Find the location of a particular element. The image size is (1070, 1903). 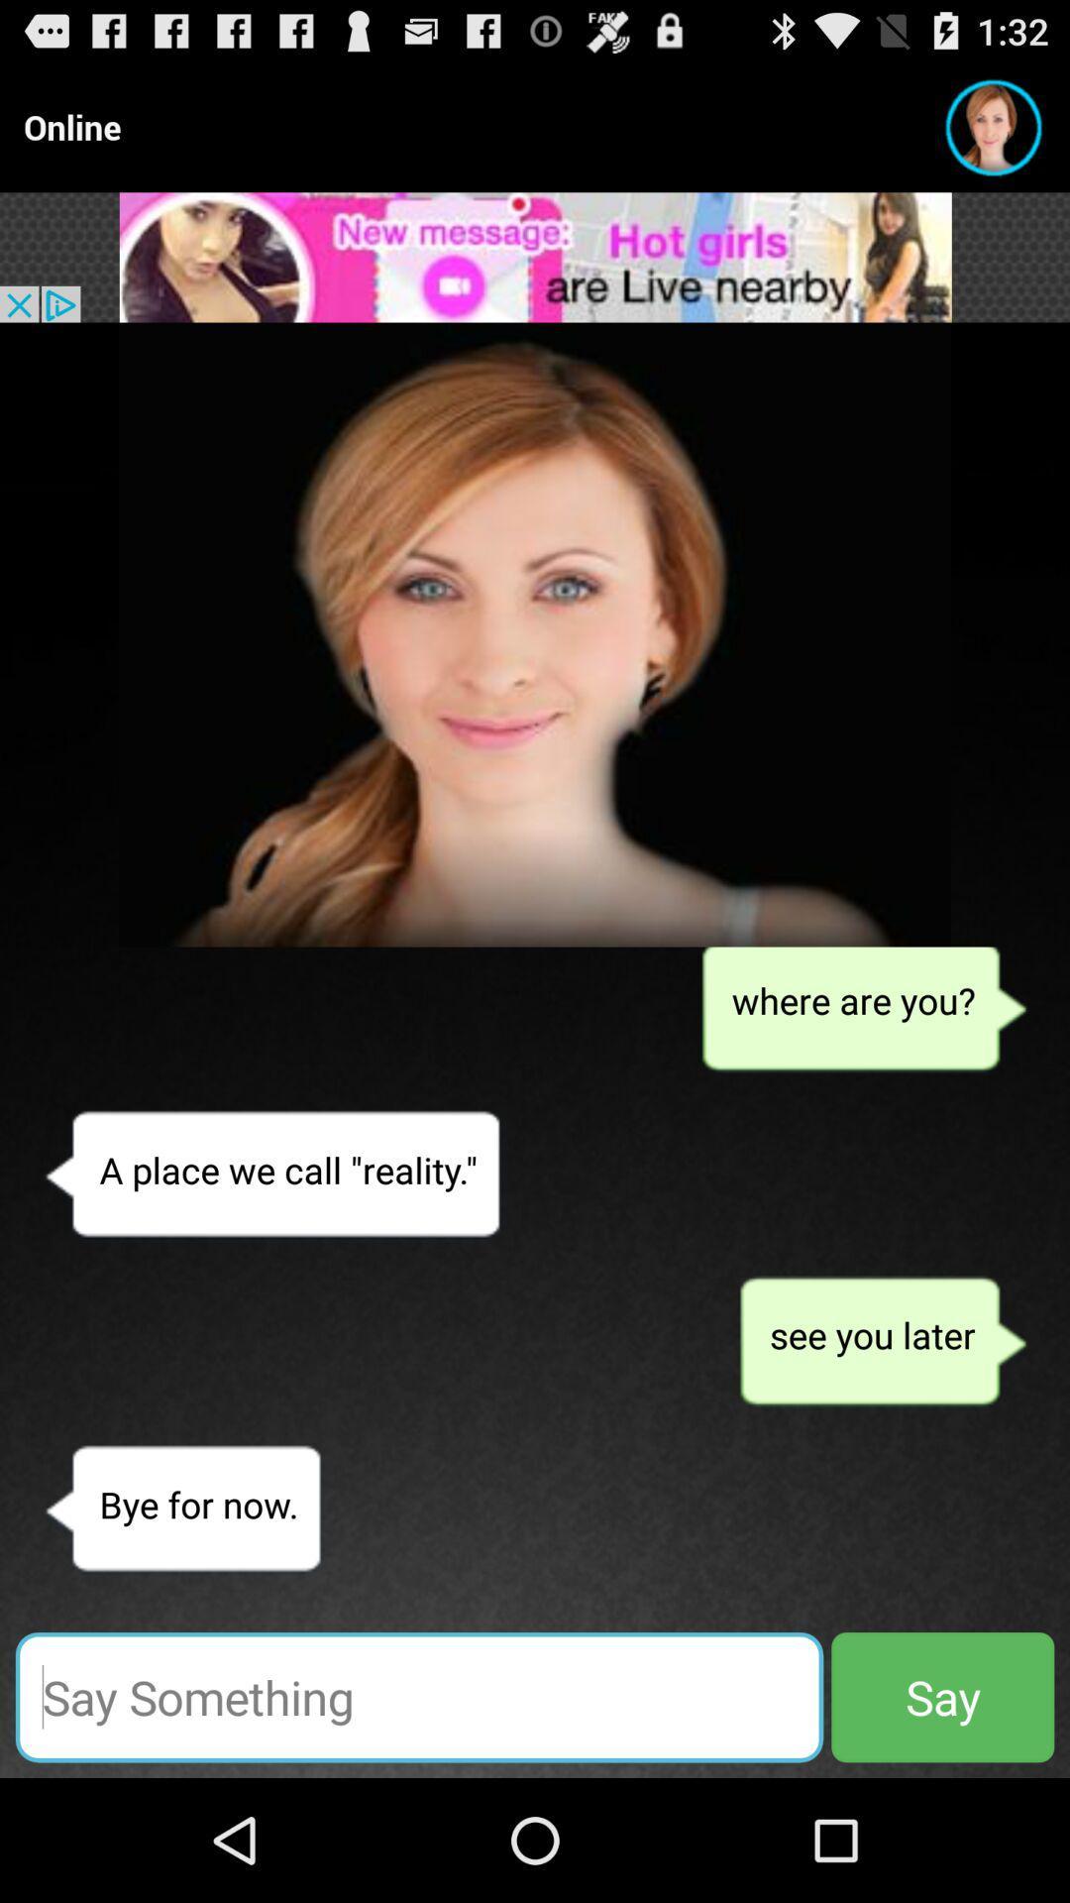

previous is located at coordinates (535, 634).